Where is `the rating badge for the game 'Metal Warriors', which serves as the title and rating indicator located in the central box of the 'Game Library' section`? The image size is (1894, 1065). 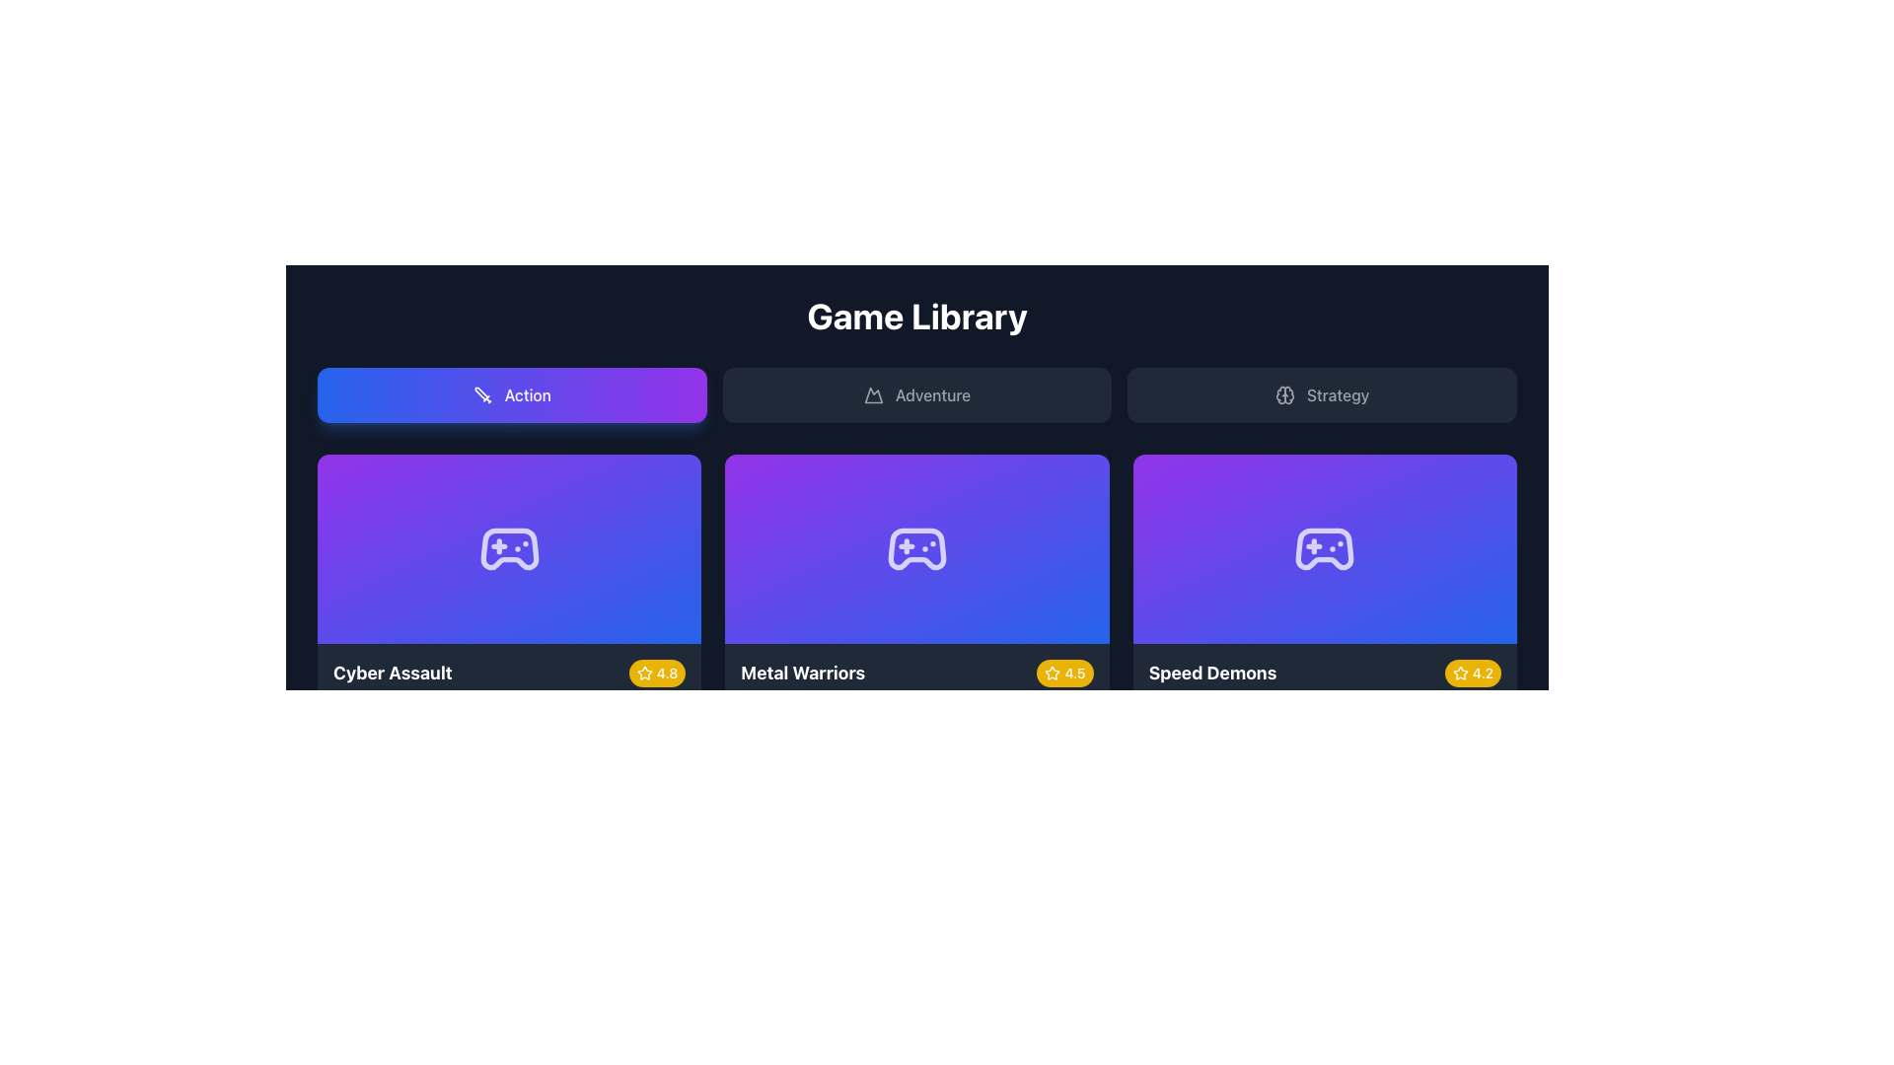
the rating badge for the game 'Metal Warriors', which serves as the title and rating indicator located in the central box of the 'Game Library' section is located at coordinates (916, 672).